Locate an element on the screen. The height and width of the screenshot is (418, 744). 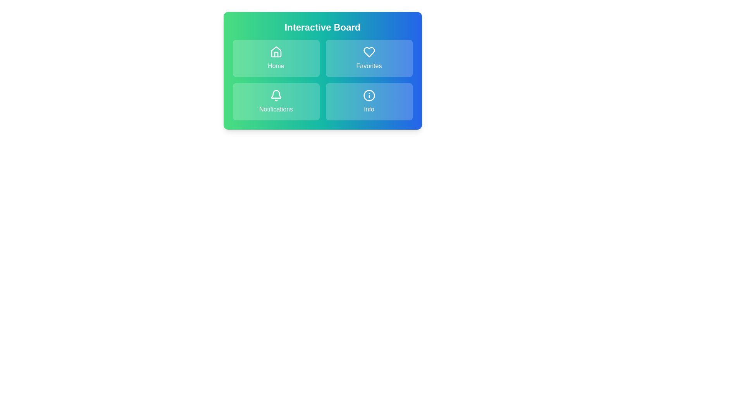
text label associated with the 'Home' icon located in the top-left quadrant of the 'Interactive Board' card is located at coordinates (276, 65).